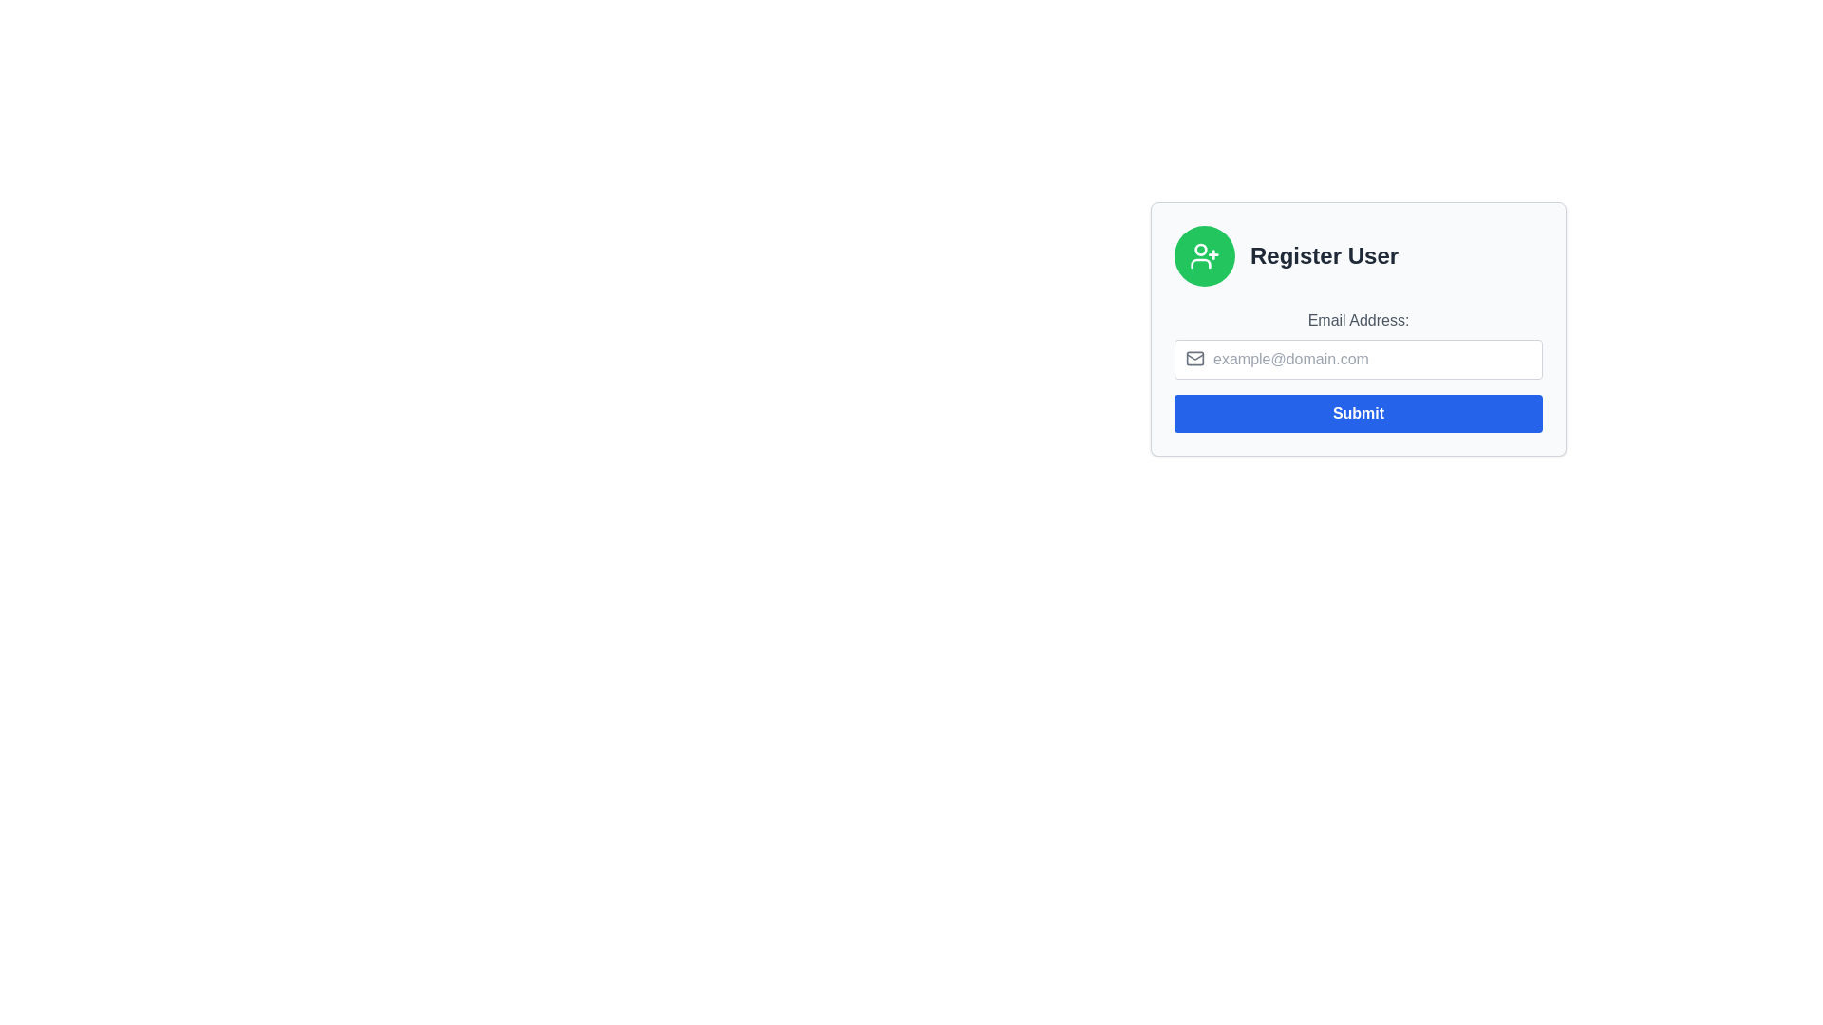 The image size is (1823, 1025). What do you see at coordinates (1357, 412) in the screenshot?
I see `the 'Submit' button, which has a vibrant blue background and bold white text, to change its shade` at bounding box center [1357, 412].